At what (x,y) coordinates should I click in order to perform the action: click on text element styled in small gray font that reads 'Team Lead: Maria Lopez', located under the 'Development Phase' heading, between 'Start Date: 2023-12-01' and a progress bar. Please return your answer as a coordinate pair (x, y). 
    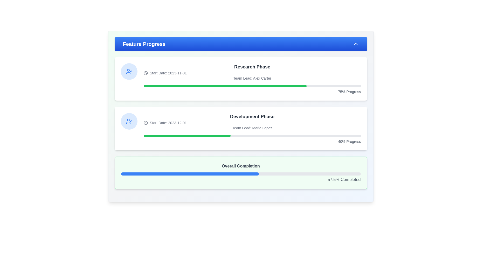
    Looking at the image, I should click on (252, 128).